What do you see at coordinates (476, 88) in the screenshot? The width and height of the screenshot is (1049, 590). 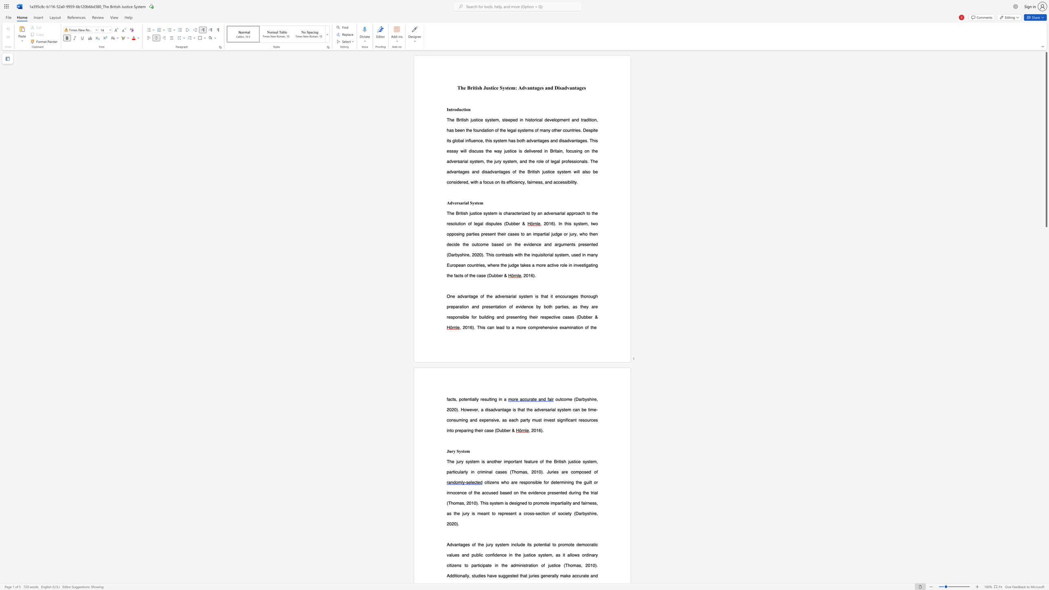 I see `the 2th character "i" in the text` at bounding box center [476, 88].